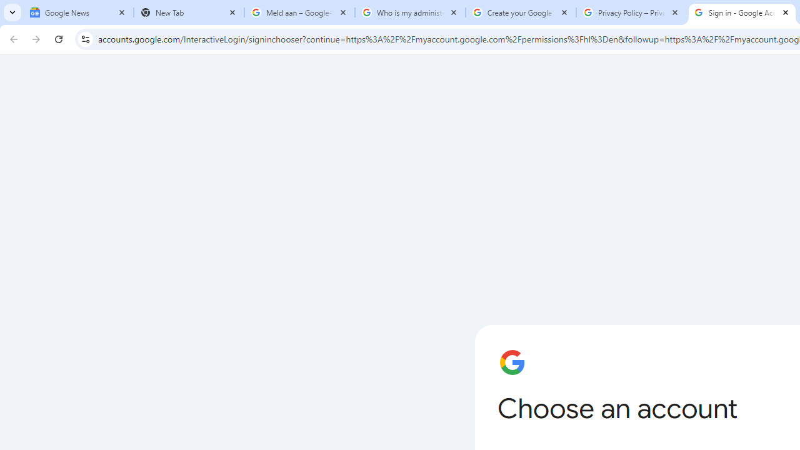  Describe the element at coordinates (410, 12) in the screenshot. I see `'Who is my administrator? - Google Account Help'` at that location.